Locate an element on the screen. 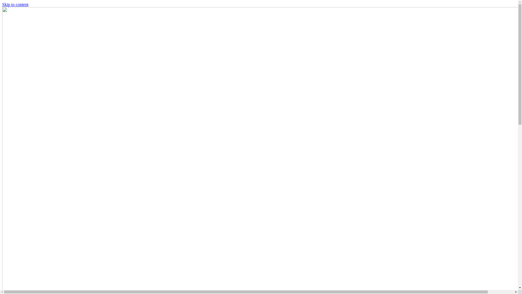 This screenshot has width=522, height=294. 'Skip to content' is located at coordinates (15, 4).